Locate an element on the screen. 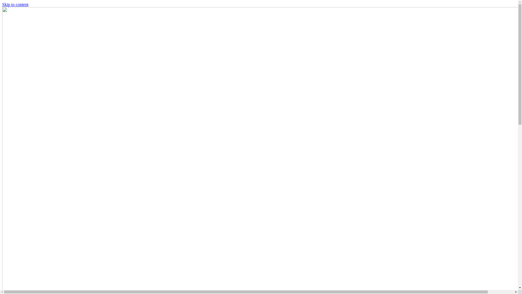 This screenshot has width=522, height=294. 'Skip to content' is located at coordinates (15, 4).